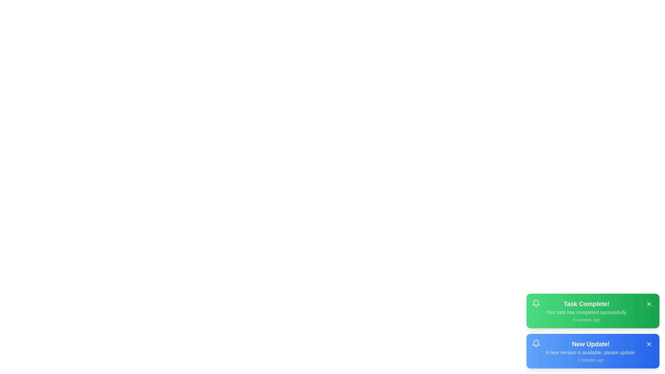 This screenshot has height=374, width=665. I want to click on the notification to read its details, so click(593, 311).